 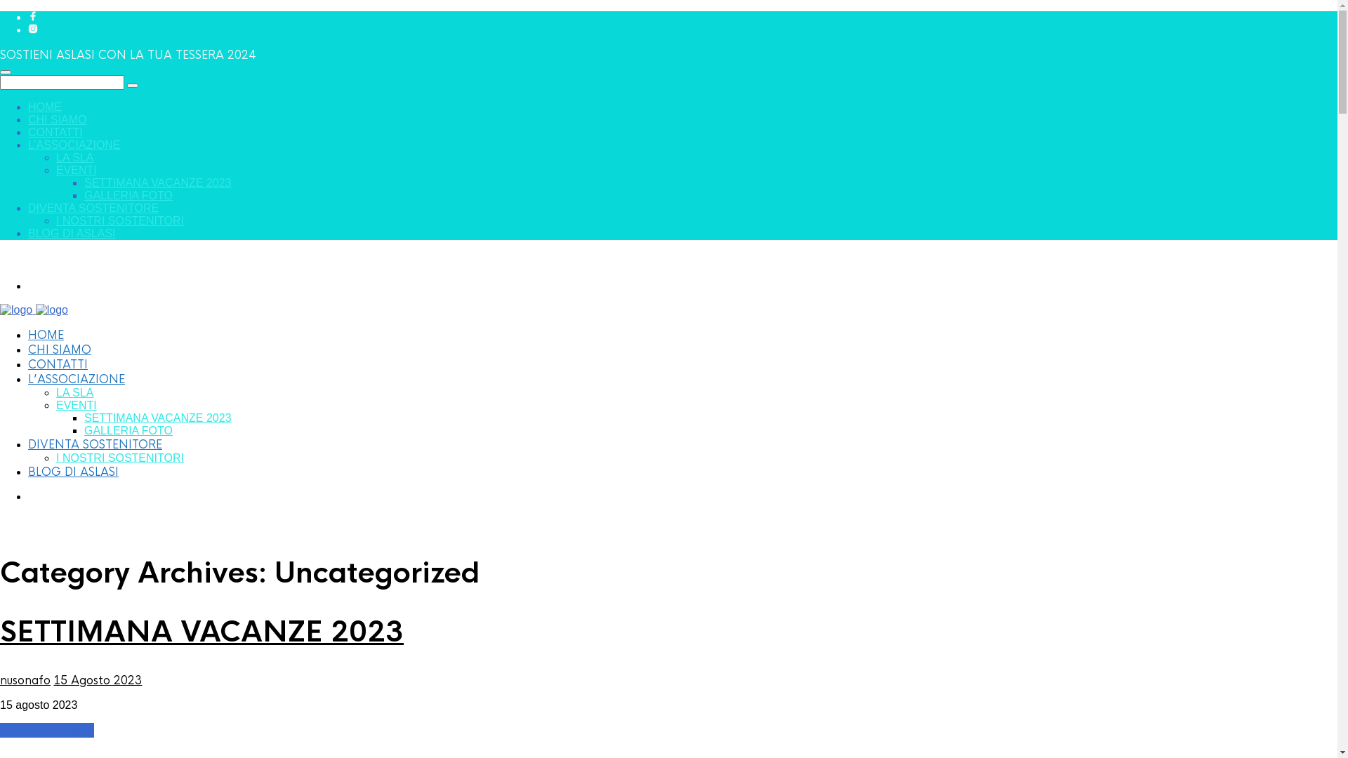 I want to click on 'SETTIMANA VACANZE 2023', so click(x=158, y=417).